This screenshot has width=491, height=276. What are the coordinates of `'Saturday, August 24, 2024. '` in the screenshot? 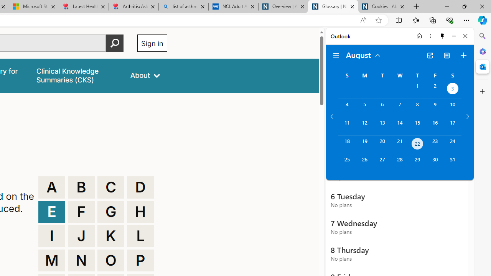 It's located at (453, 145).